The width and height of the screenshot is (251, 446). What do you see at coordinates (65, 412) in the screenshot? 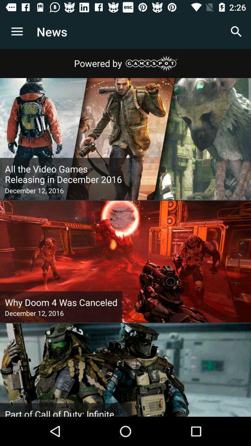
I see `part of call` at bounding box center [65, 412].